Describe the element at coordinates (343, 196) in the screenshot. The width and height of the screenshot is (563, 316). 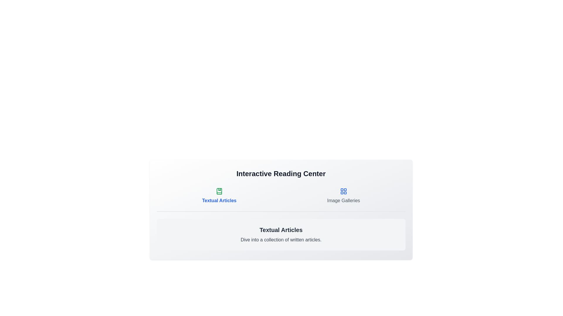
I see `the tab corresponding to Image Galleries` at that location.